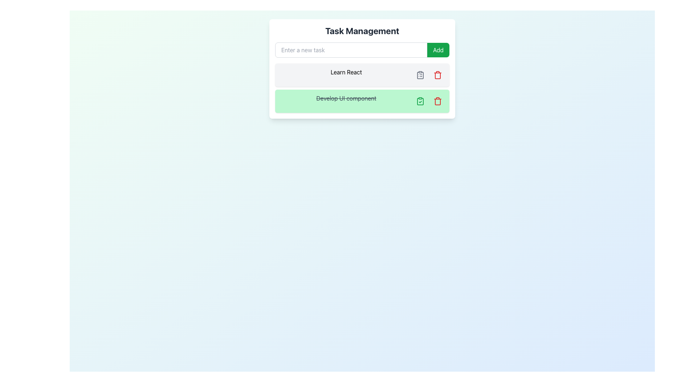 This screenshot has width=697, height=392. I want to click on the green 'Add' button located at the right side of the Task input field, so click(362, 50).